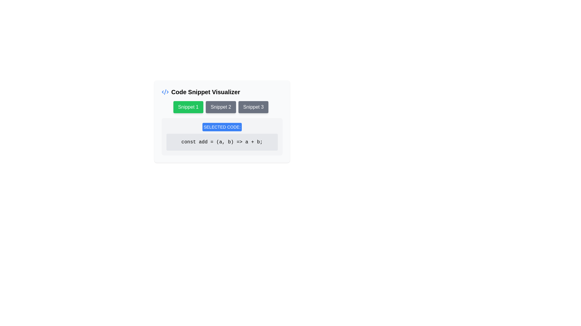 This screenshot has height=326, width=581. I want to click on the 'Snippet 2' button, which is the second button in a row of three buttons labeled 'Snippet 1', 'Snippet 2', and 'Snippet 3', so click(222, 107).